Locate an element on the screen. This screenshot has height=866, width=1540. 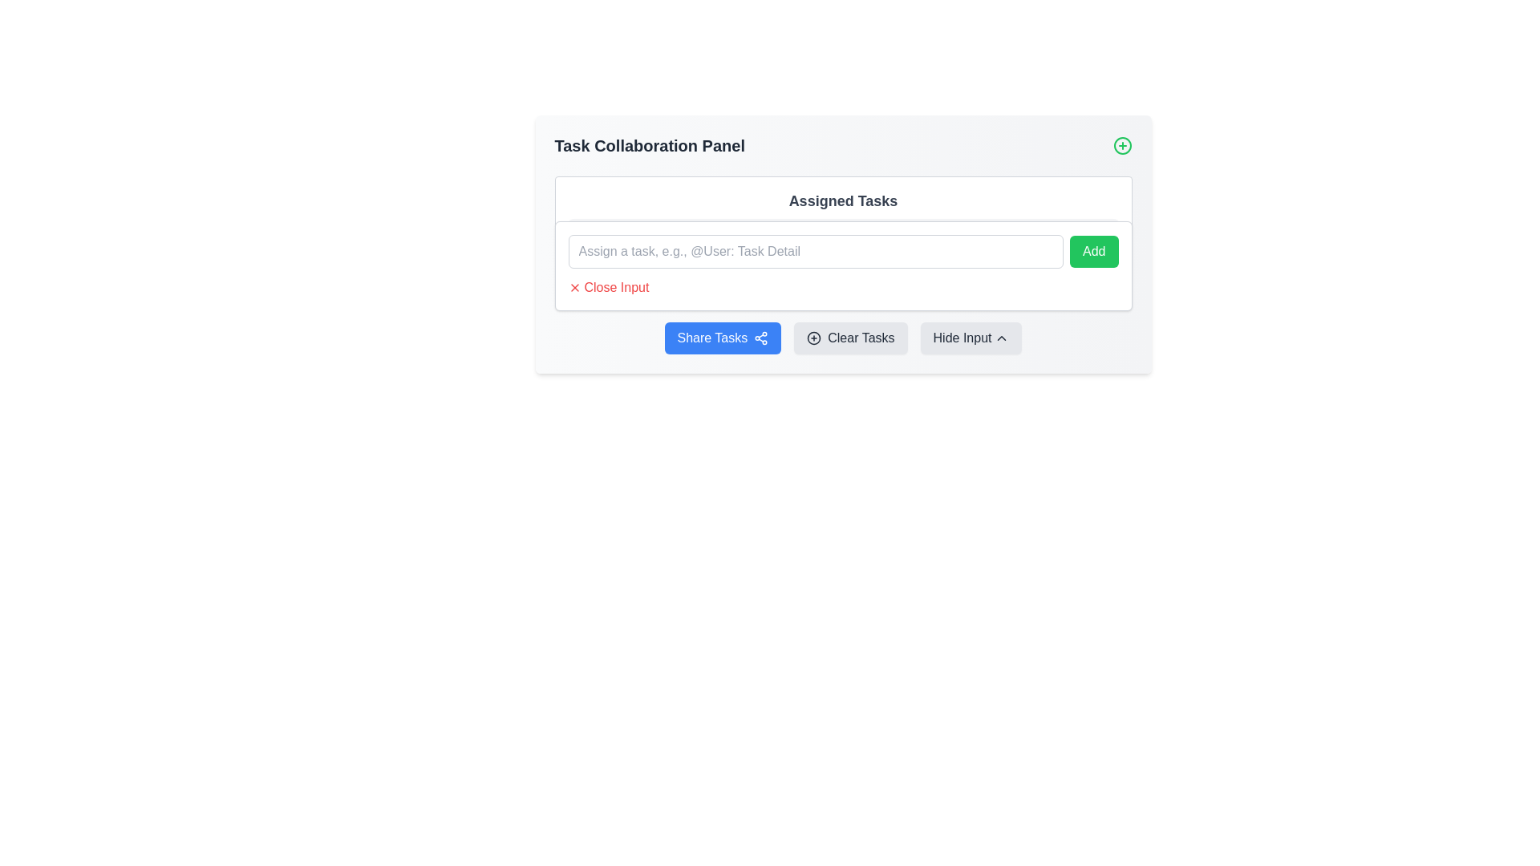
the 'Close Input' button, which is a red text label accompanied by a close action icon is located at coordinates (607, 286).